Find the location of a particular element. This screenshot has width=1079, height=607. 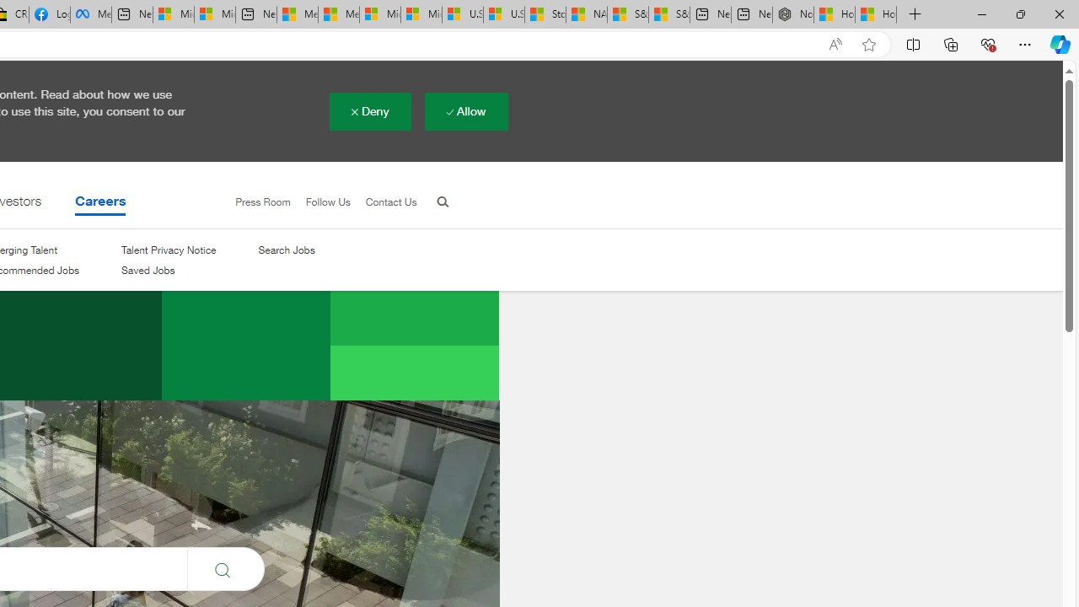

'Press Room' is located at coordinates (255, 201).